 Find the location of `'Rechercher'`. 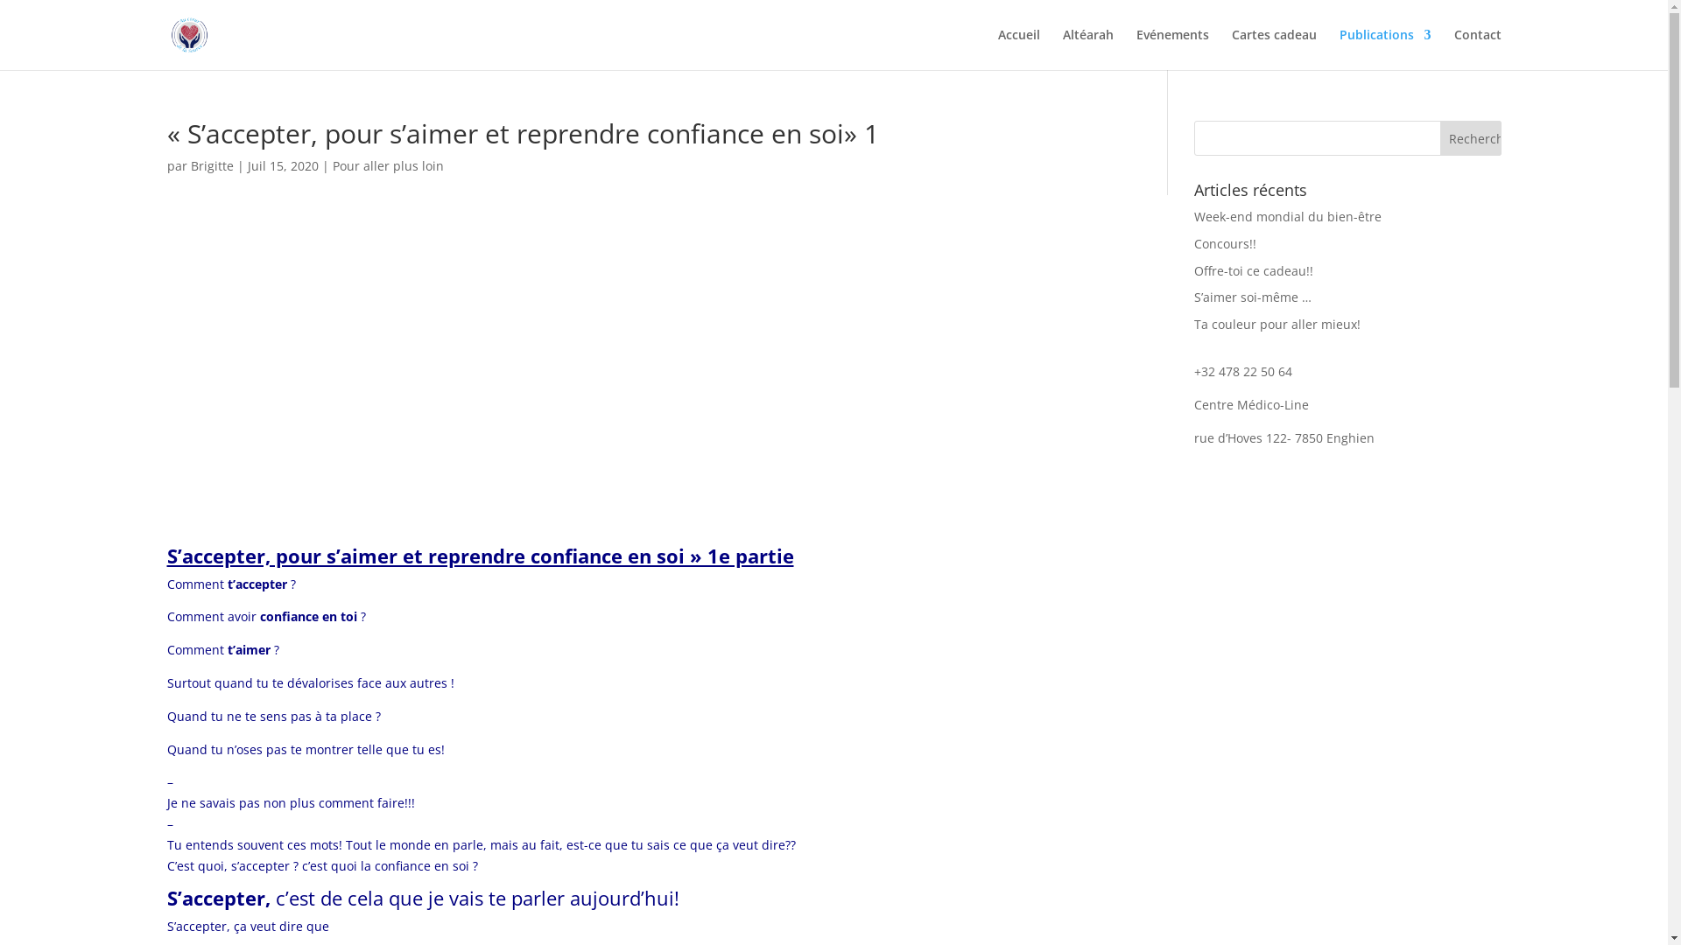

'Rechercher' is located at coordinates (1470, 137).